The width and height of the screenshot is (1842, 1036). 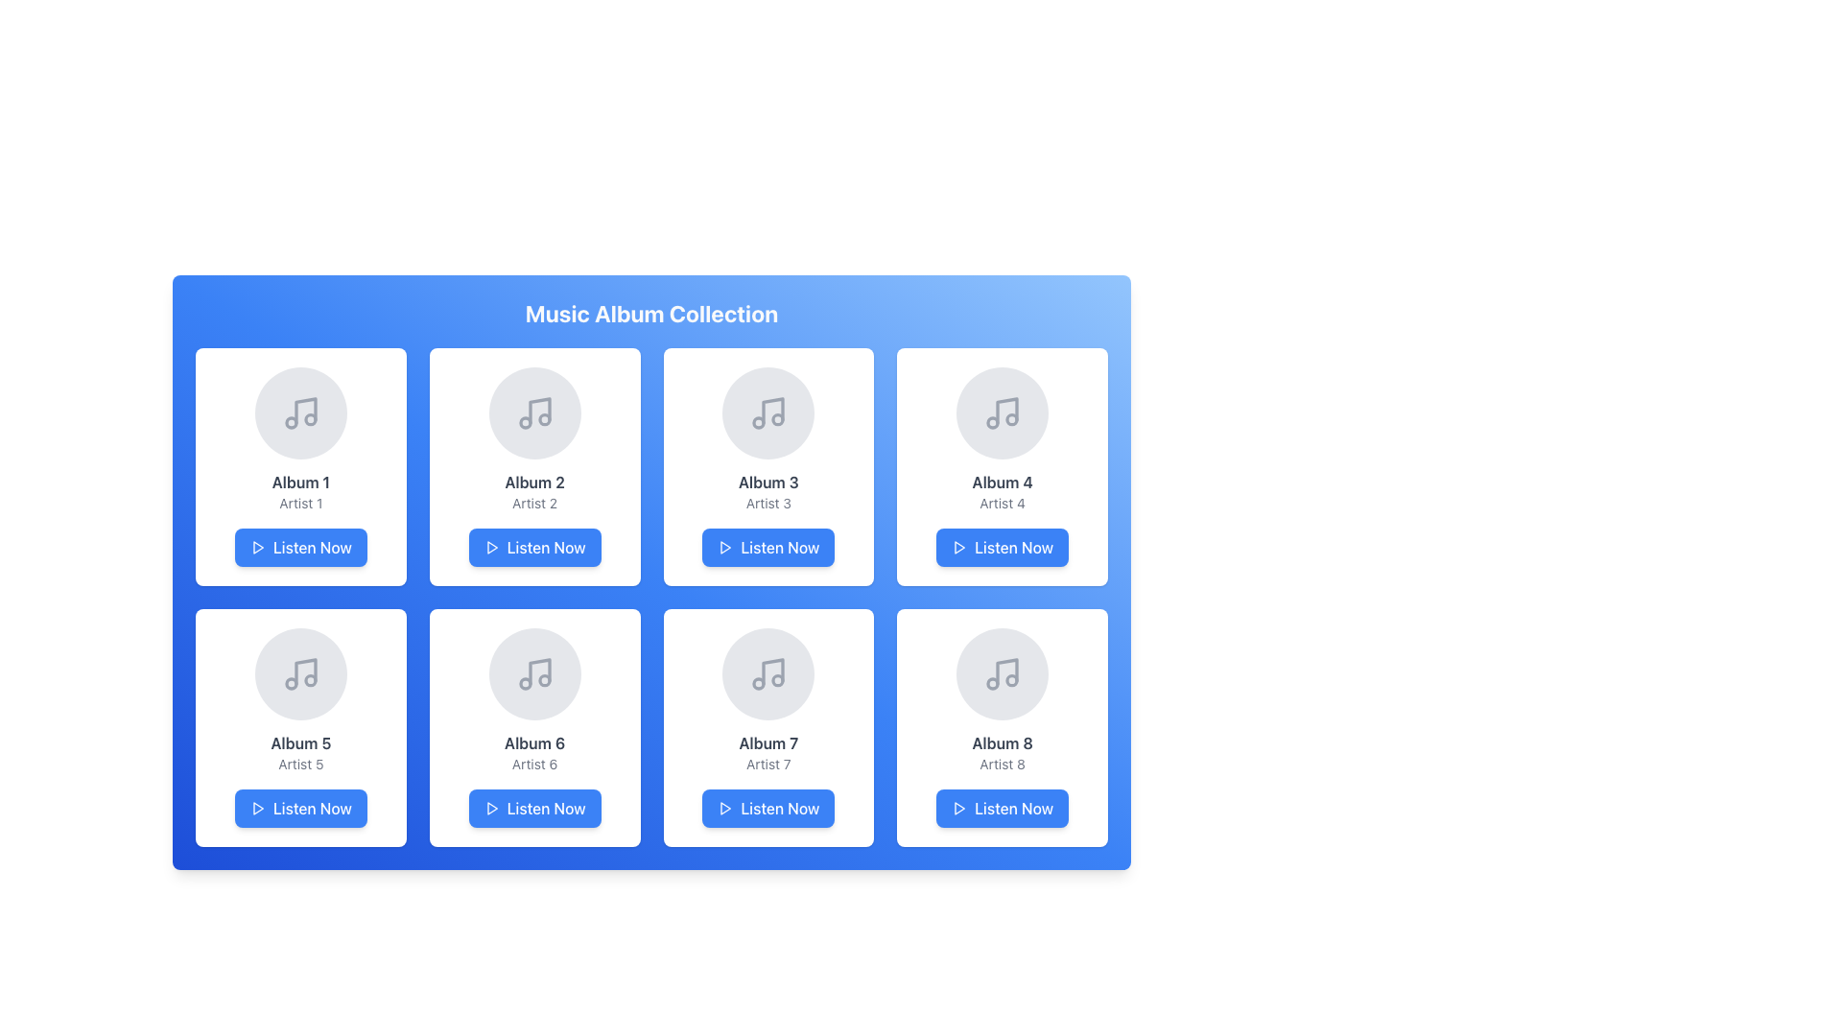 What do you see at coordinates (1002, 481) in the screenshot?
I see `the text label displaying 'Album 4' to perform related actions with surrounding elements` at bounding box center [1002, 481].